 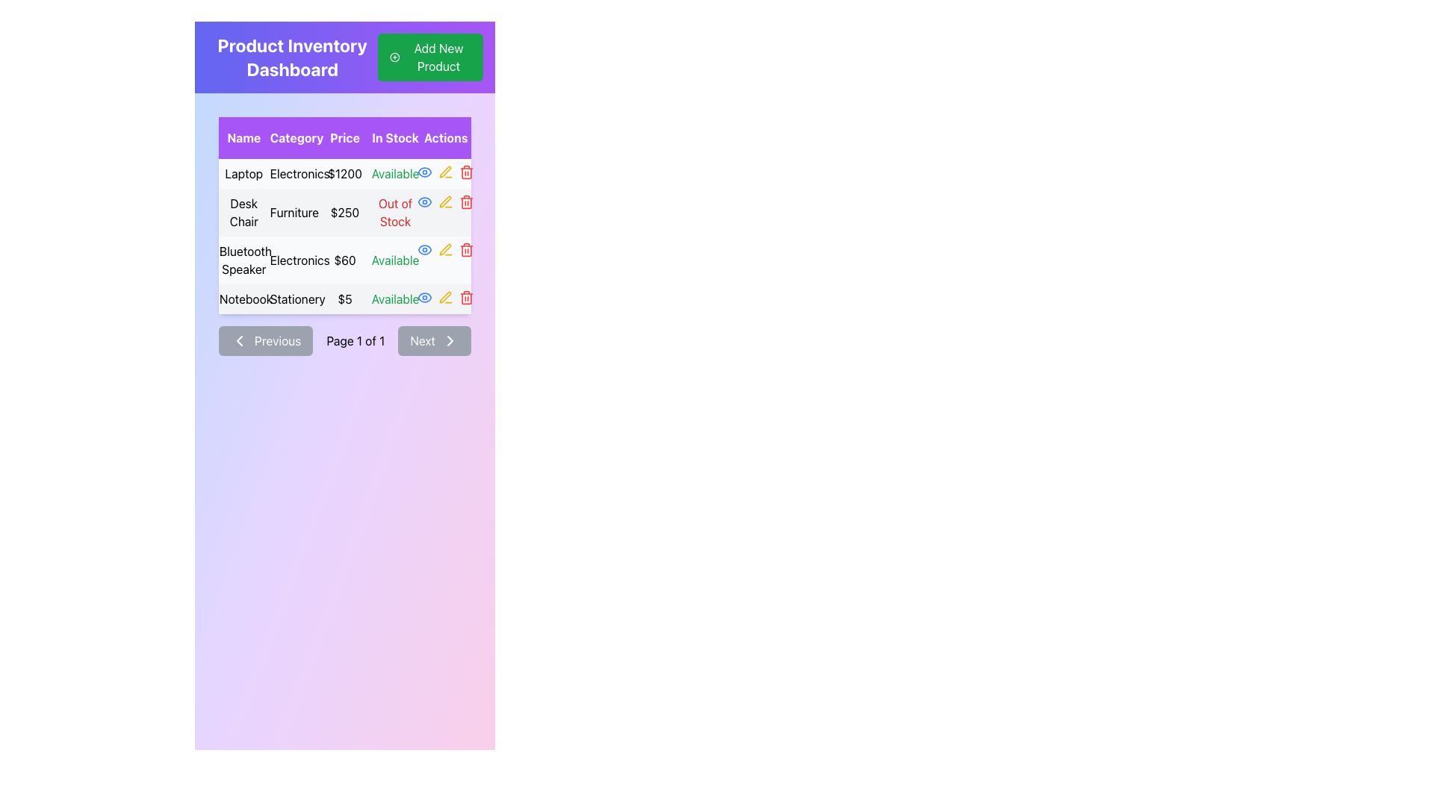 What do you see at coordinates (294, 138) in the screenshot?
I see `the 'Category' header label, which is the second item in a horizontal row of headers with a purple background and bold white text` at bounding box center [294, 138].